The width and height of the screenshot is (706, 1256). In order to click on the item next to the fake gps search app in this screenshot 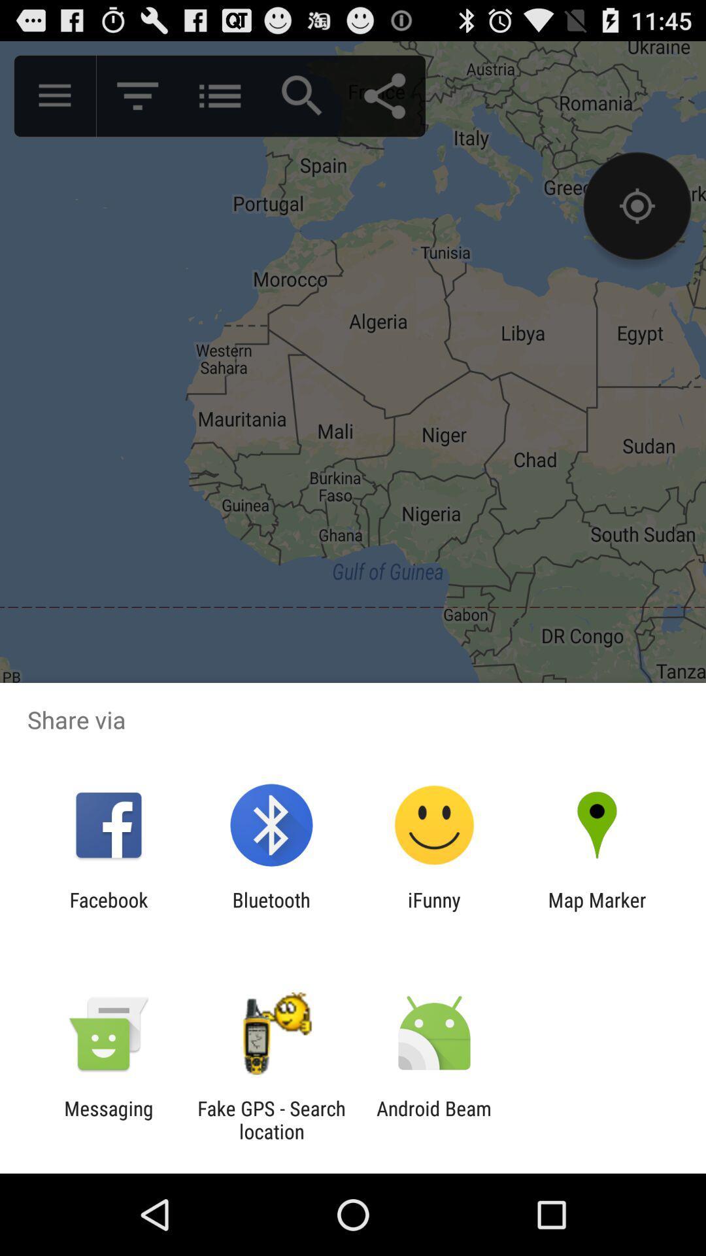, I will do `click(434, 1119)`.